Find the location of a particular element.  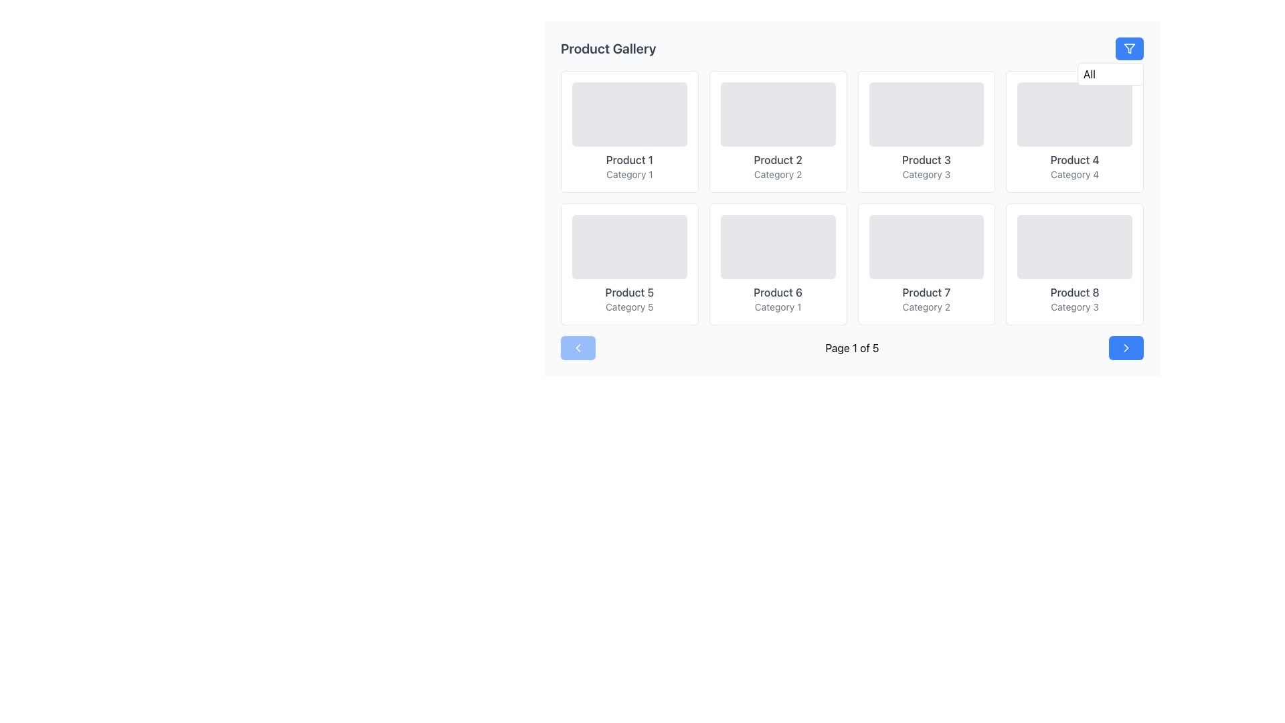

the card displaying 'Product 3' in a gallery view, which has a white background and rounded corners, positioned as the third card in the first row of a 4x2 grid layout is located at coordinates (926, 131).